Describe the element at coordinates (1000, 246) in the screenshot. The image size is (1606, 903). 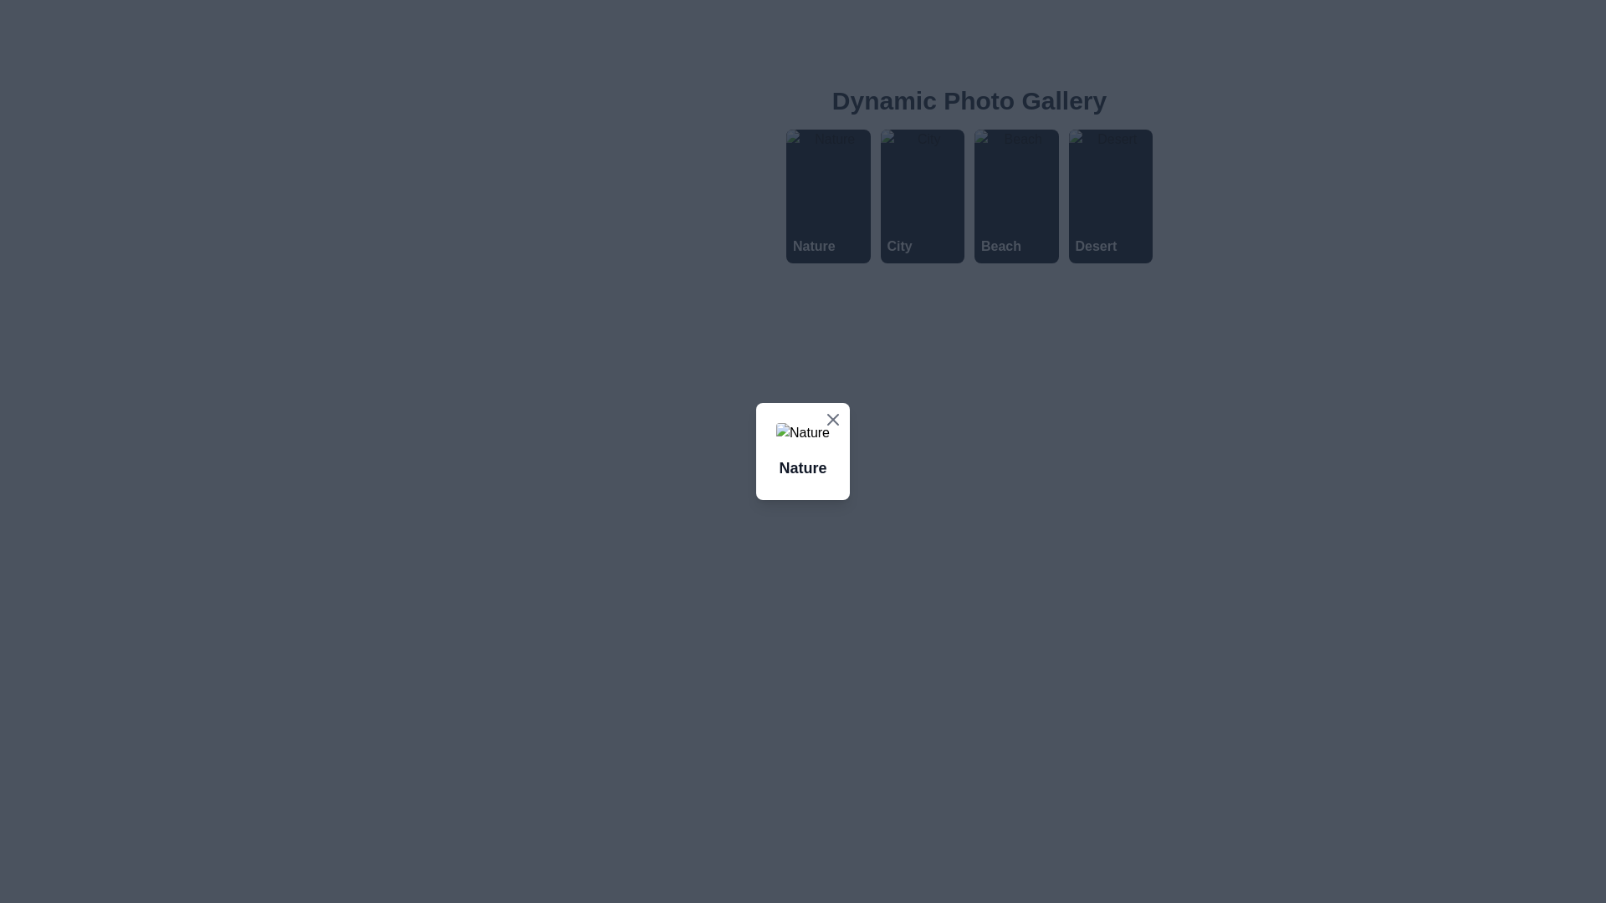
I see `the 'Beach' text label, which is displayed in bold white font at the bottom-left corner of the third card in a horizontally aligned set of cards with a dark background` at that location.